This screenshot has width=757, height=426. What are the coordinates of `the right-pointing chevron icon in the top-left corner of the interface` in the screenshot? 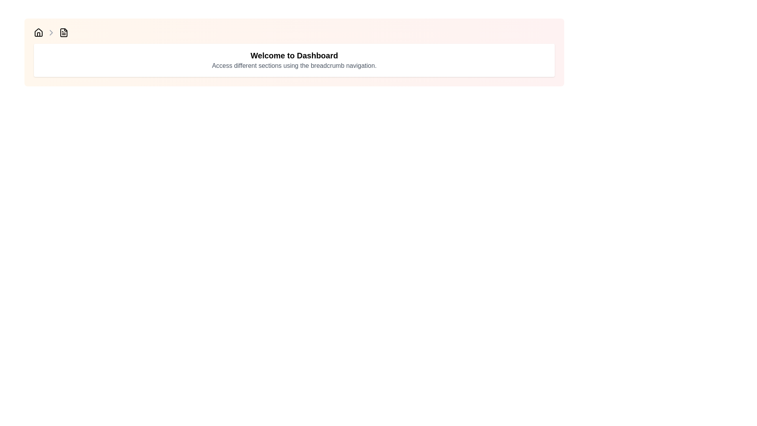 It's located at (50, 32).